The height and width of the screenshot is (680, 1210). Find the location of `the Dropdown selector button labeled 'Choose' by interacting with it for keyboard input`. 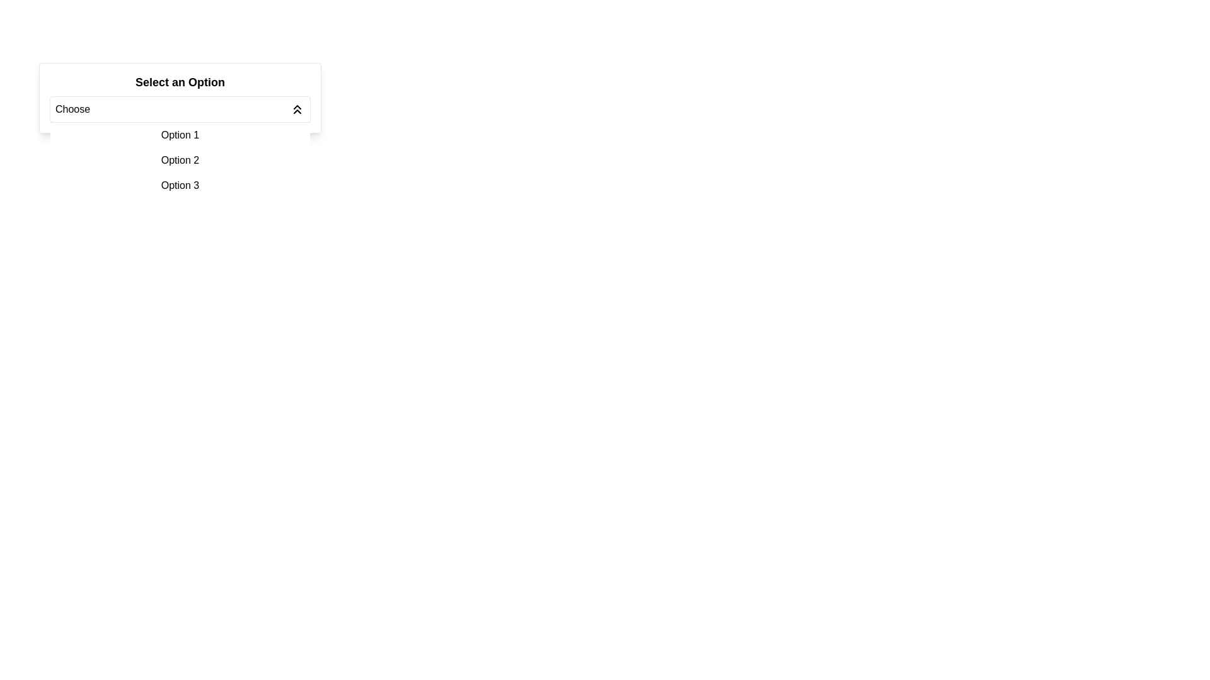

the Dropdown selector button labeled 'Choose' by interacting with it for keyboard input is located at coordinates (180, 108).